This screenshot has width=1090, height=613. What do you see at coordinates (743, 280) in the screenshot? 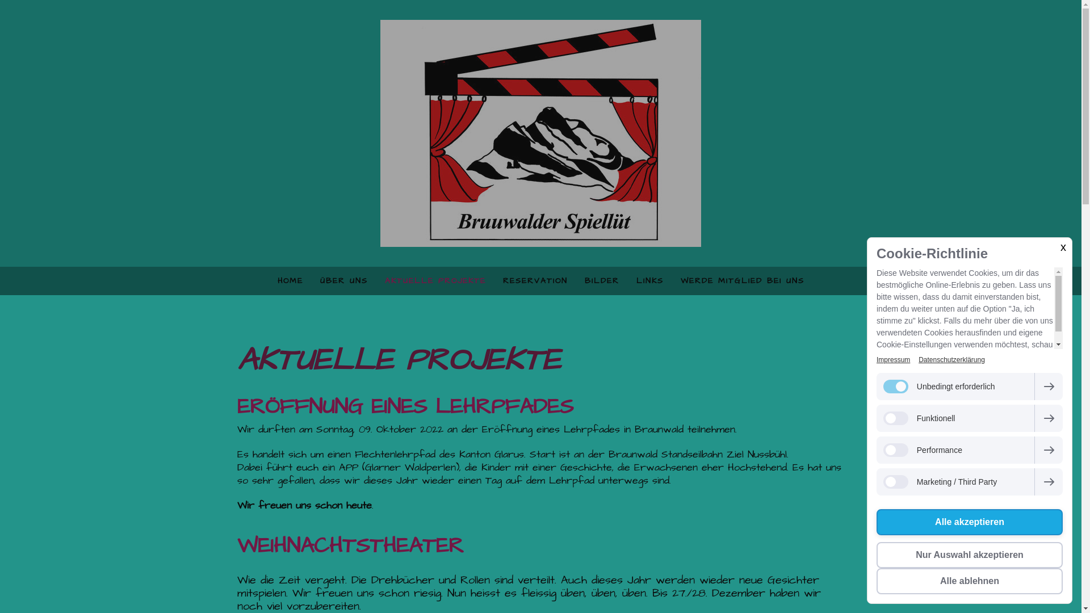
I see `'WERDE MITGLIED BEI UNS'` at bounding box center [743, 280].